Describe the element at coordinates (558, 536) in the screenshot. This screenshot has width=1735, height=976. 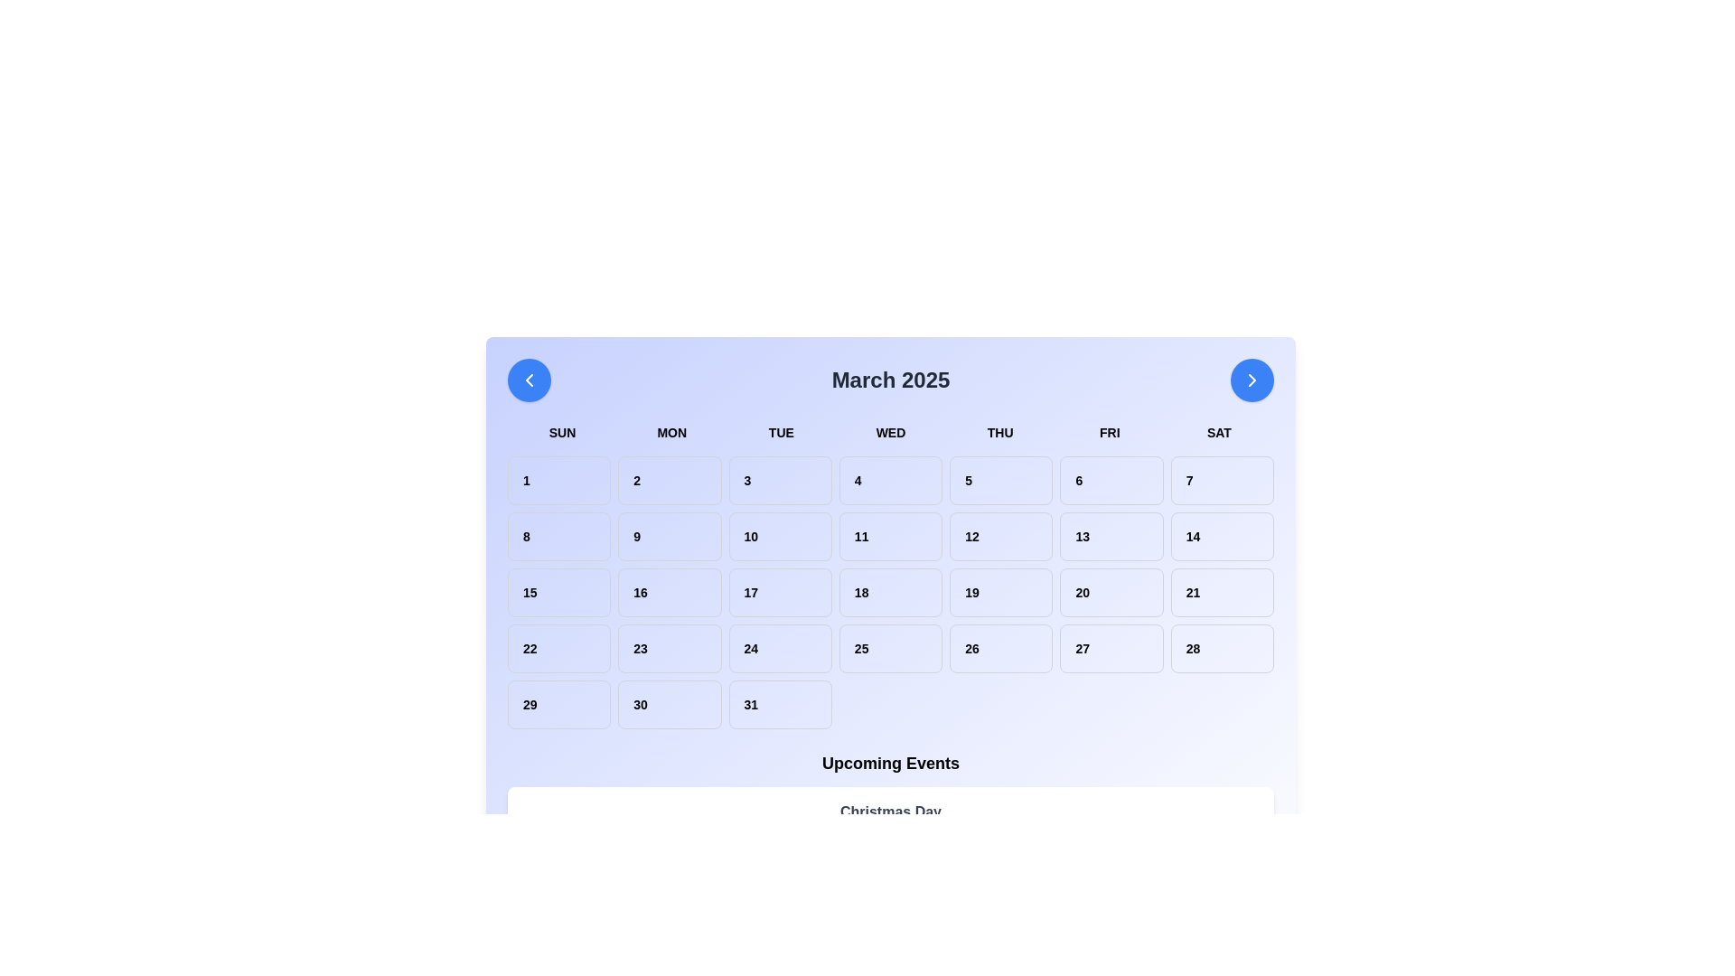
I see `the numeral '8' in the calendar cell` at that location.